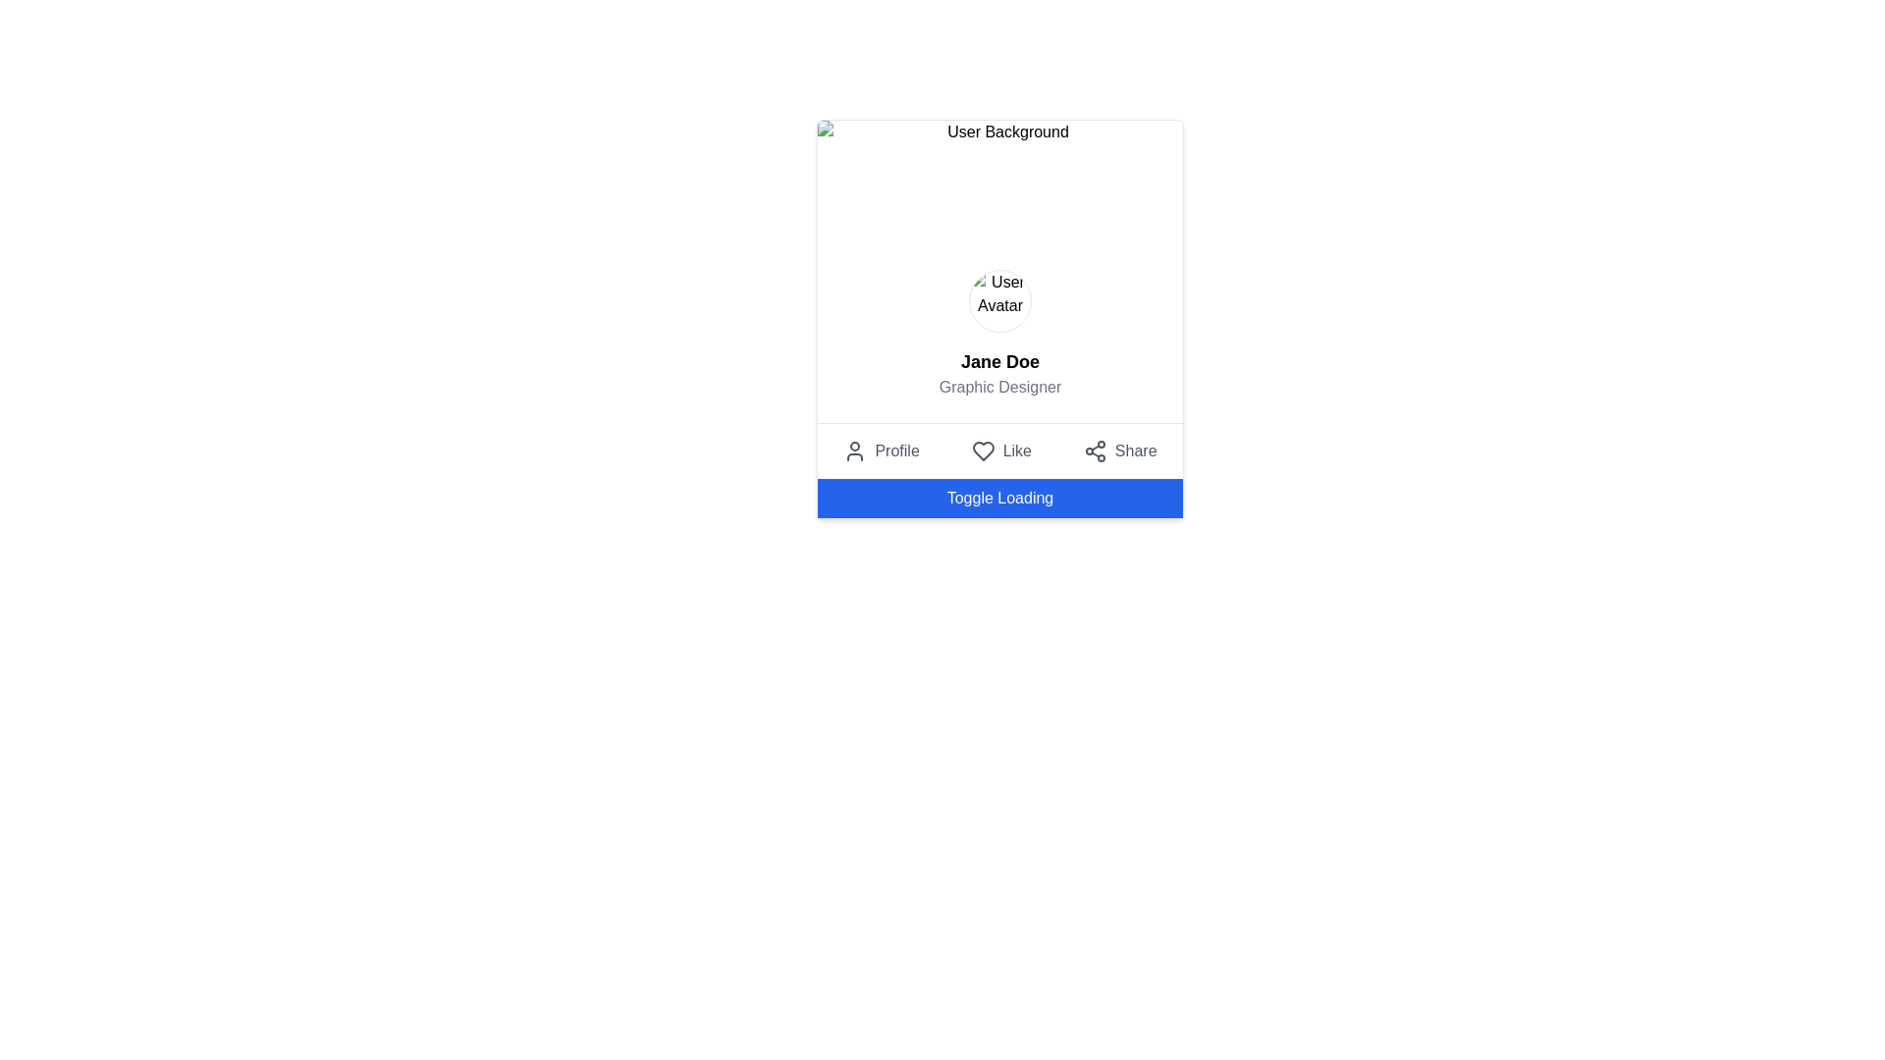  What do you see at coordinates (999, 450) in the screenshot?
I see `the 'Like' interactive button located in the user profile card, positioned above the 'Toggle Loading' button and to the left of other action items` at bounding box center [999, 450].